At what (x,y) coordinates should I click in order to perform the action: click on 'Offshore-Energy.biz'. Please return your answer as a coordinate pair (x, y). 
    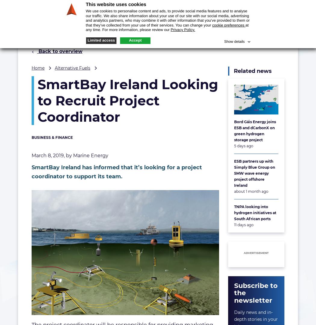
    Looking at the image, I should click on (20, 6).